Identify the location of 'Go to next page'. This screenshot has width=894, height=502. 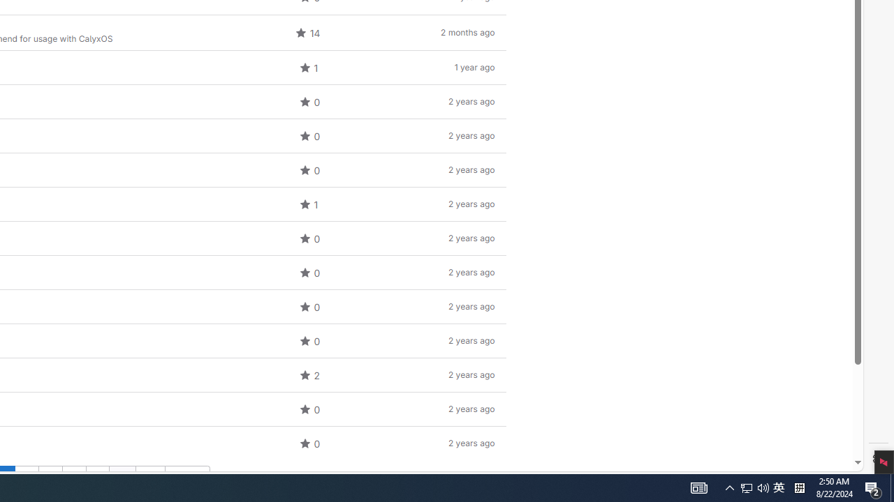
(186, 477).